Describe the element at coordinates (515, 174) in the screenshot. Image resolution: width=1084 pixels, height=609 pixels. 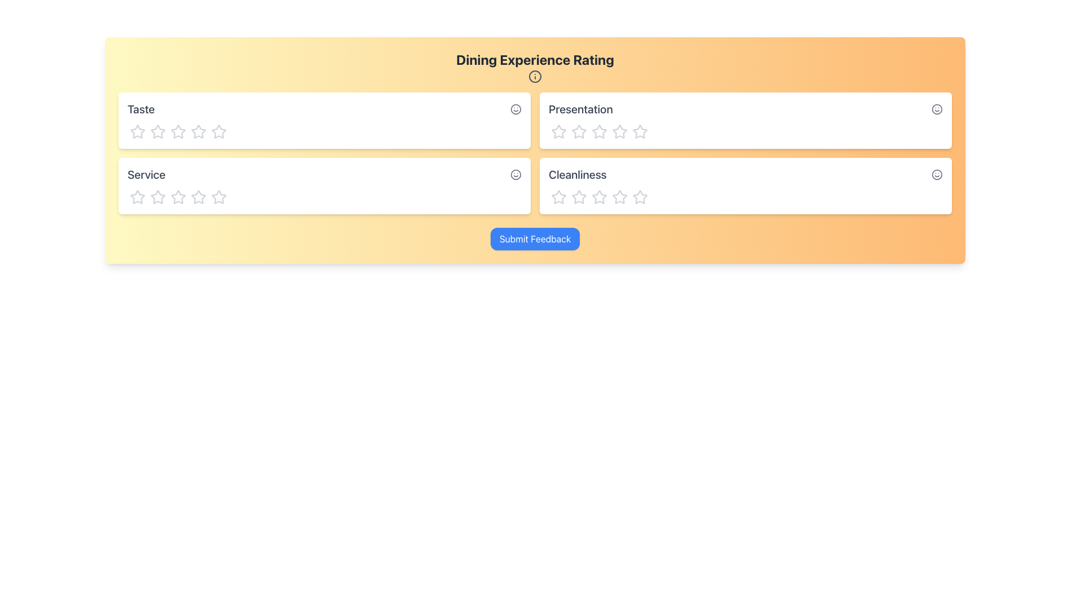
I see `the decorative icon located at the far-right end of the 'Service' section, aligned with the 'Service' text and star rating interface below it` at that location.